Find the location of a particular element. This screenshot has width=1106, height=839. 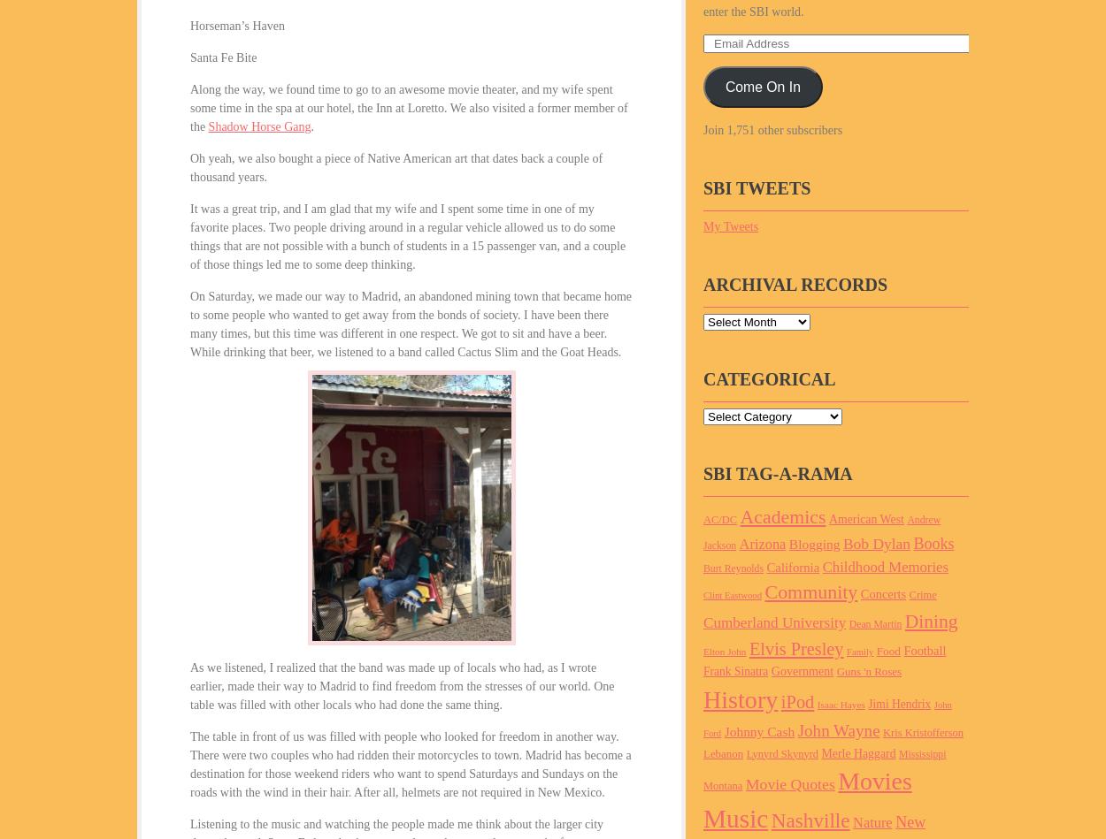

'Dining' is located at coordinates (931, 620).